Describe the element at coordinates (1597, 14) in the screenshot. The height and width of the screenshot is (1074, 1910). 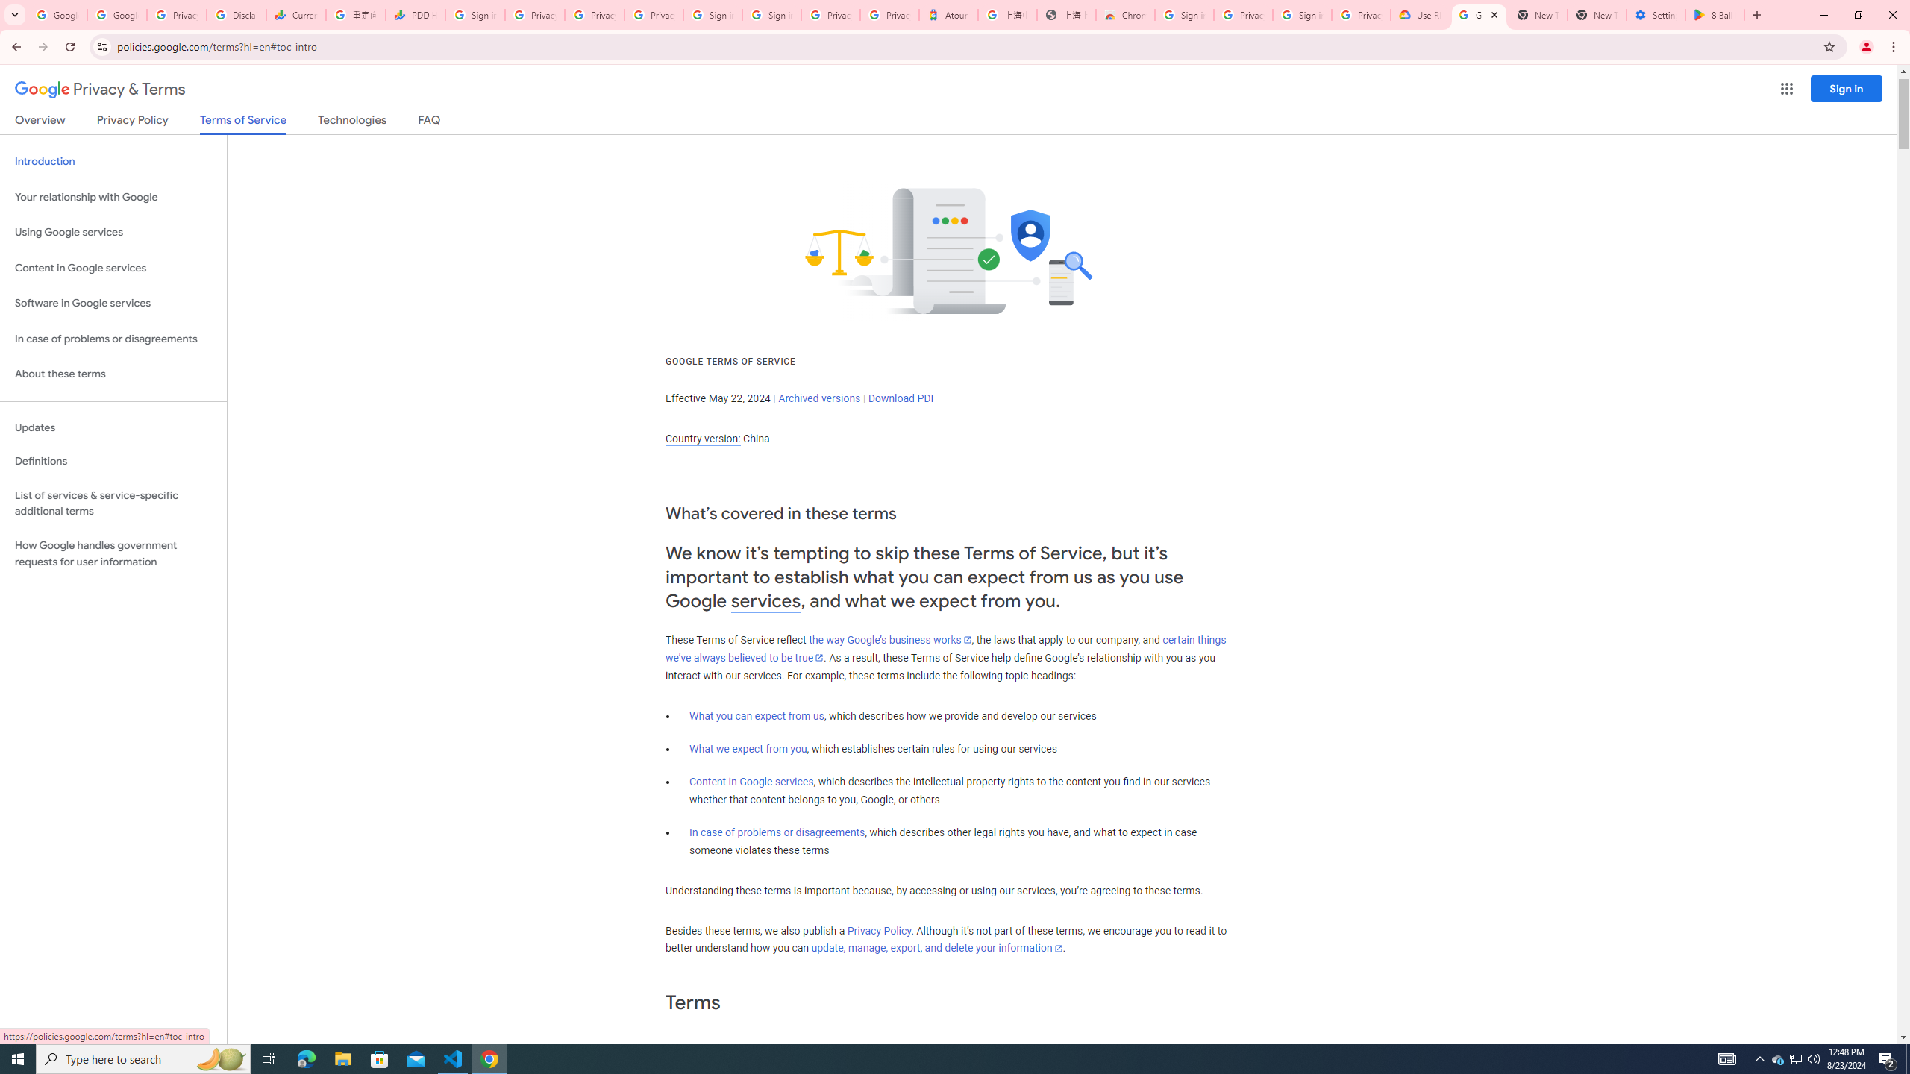
I see `'New Tab'` at that location.